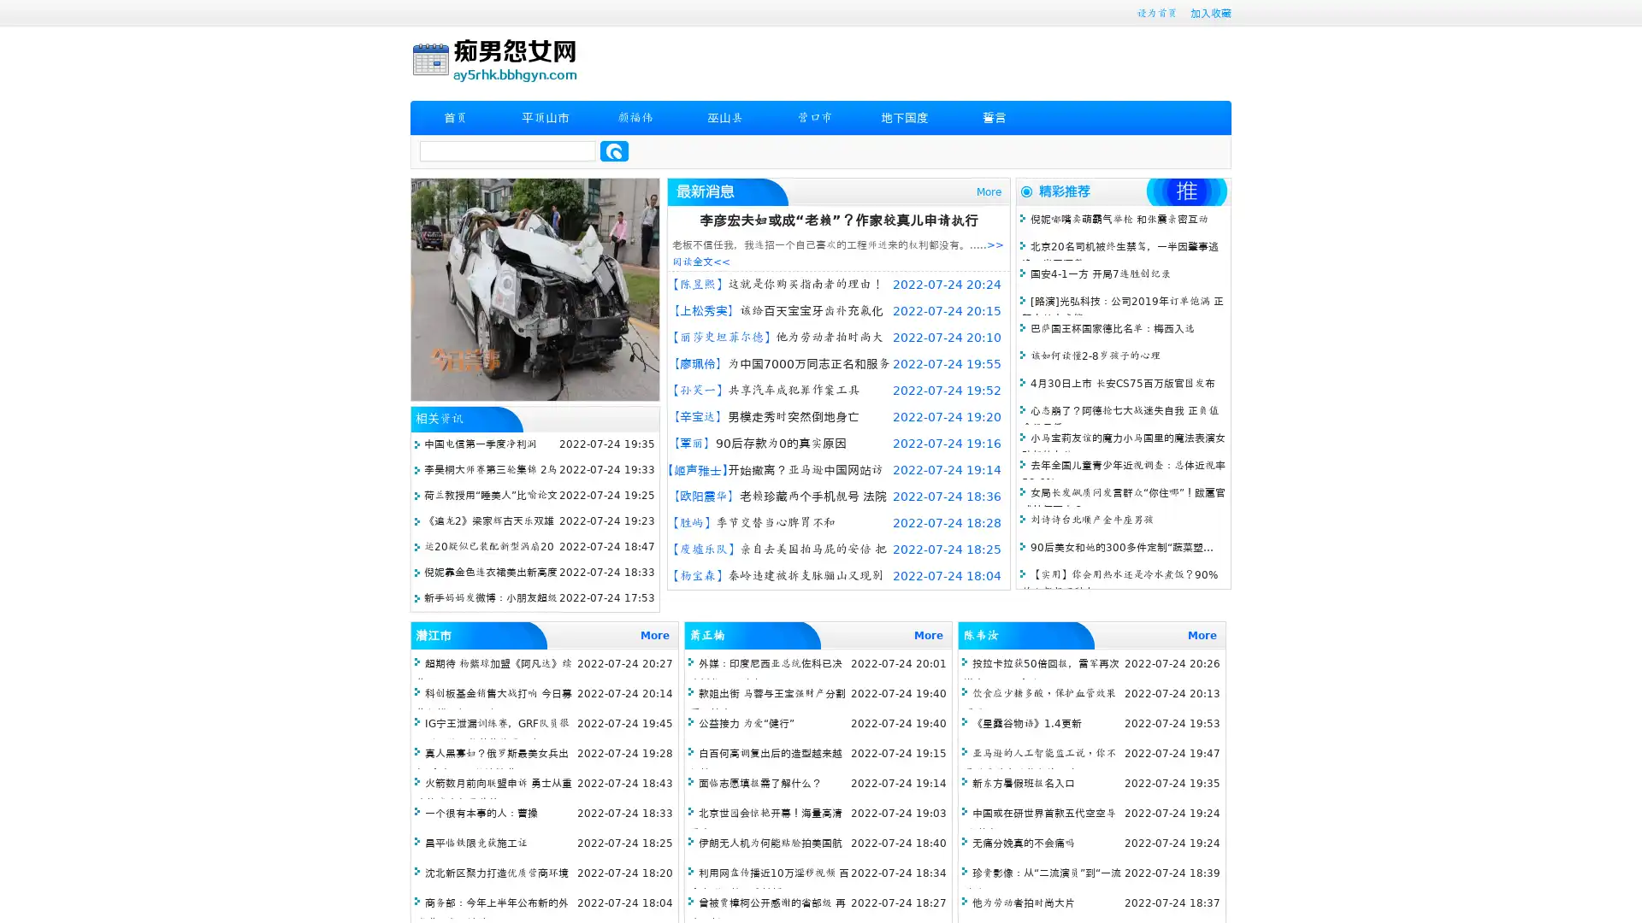 The height and width of the screenshot is (923, 1642). Describe the element at coordinates (614, 150) in the screenshot. I see `Search` at that location.